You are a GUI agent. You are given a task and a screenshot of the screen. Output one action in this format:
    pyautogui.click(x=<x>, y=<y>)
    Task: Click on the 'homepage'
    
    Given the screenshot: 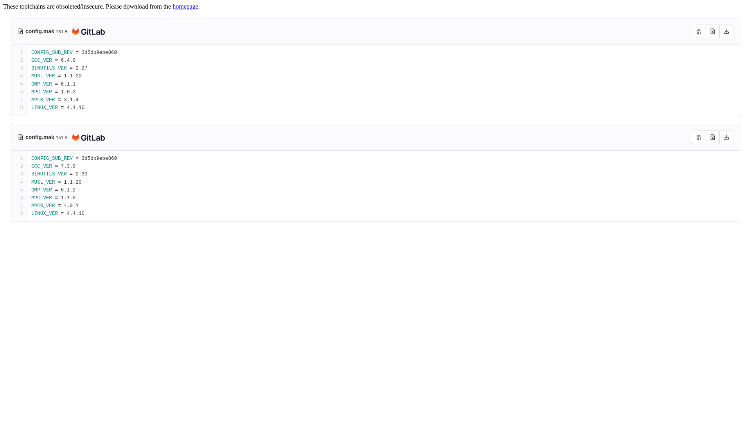 What is the action you would take?
    pyautogui.click(x=185, y=6)
    